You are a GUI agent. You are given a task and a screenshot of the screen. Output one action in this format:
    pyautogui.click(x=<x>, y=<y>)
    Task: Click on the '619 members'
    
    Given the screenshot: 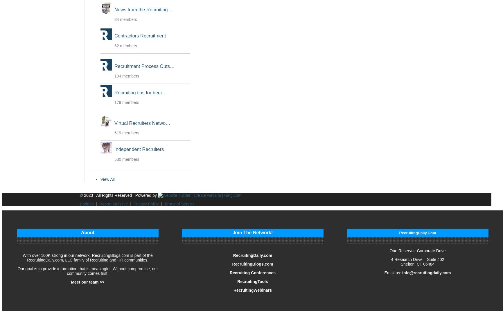 What is the action you would take?
    pyautogui.click(x=127, y=132)
    